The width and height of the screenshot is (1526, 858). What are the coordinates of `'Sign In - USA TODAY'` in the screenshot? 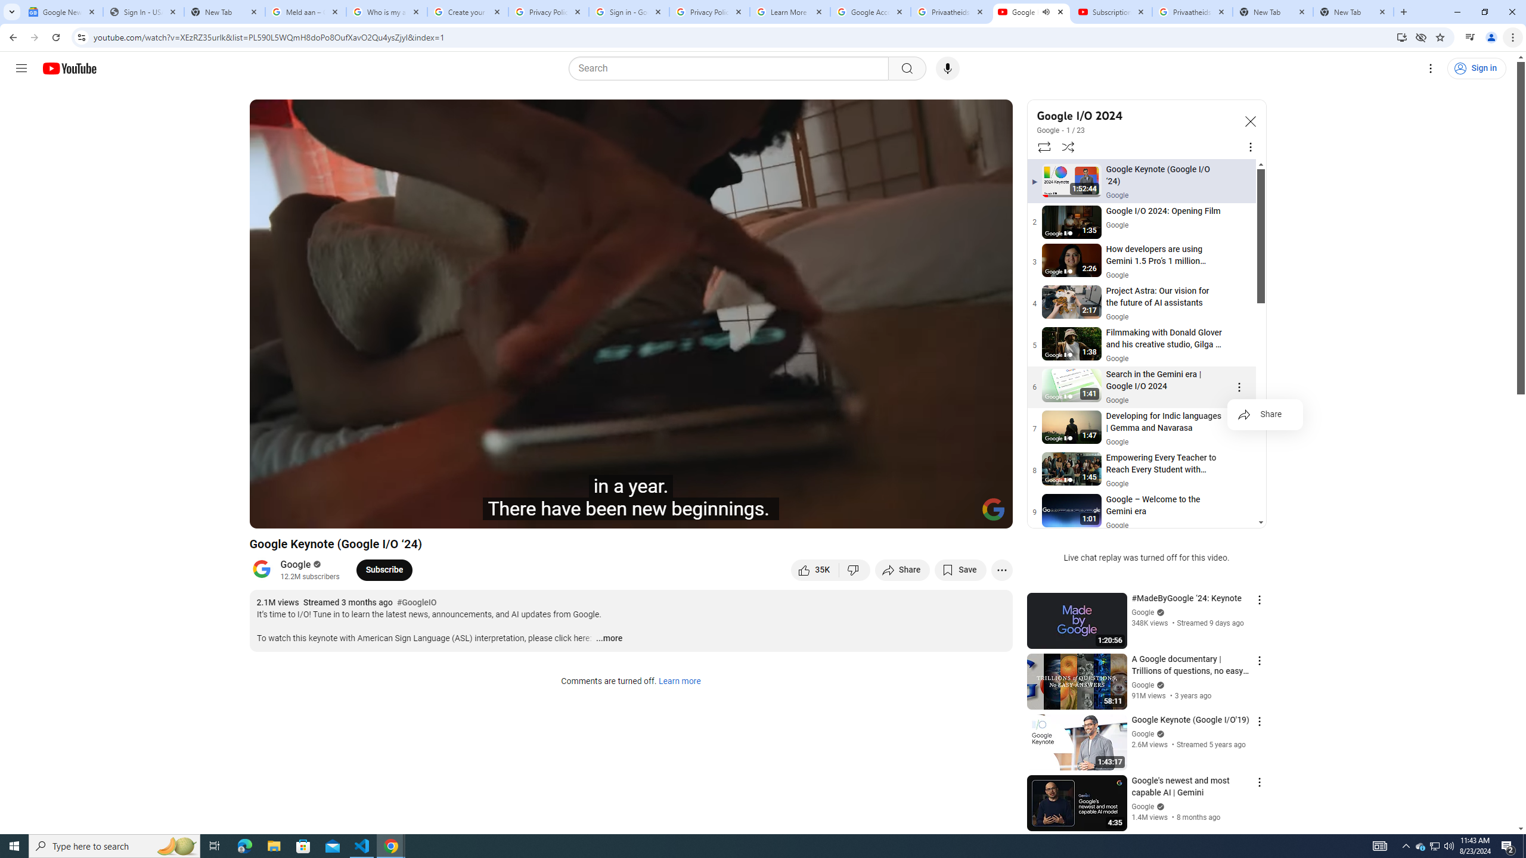 It's located at (143, 11).